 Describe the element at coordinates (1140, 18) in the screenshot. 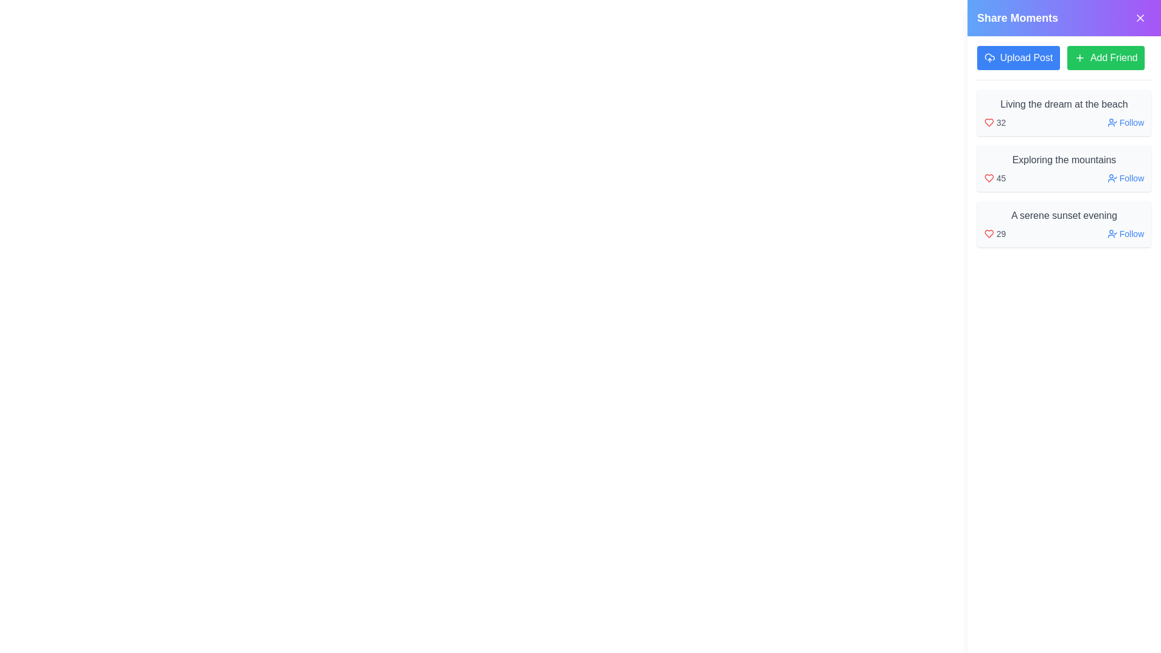

I see `the 'X' icon button located at the top-right corner of the 'Share Moments' panel` at that location.